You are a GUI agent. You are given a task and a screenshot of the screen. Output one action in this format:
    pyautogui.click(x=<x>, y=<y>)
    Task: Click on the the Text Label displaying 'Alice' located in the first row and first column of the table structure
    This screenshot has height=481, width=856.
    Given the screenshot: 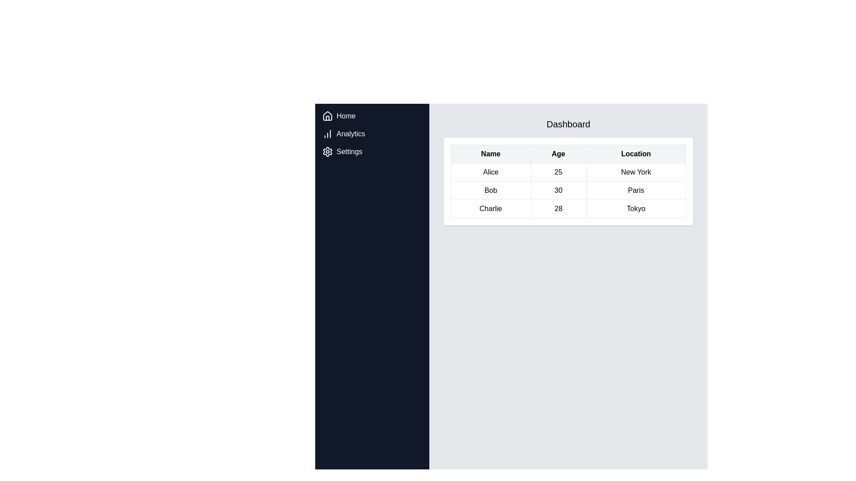 What is the action you would take?
    pyautogui.click(x=490, y=172)
    